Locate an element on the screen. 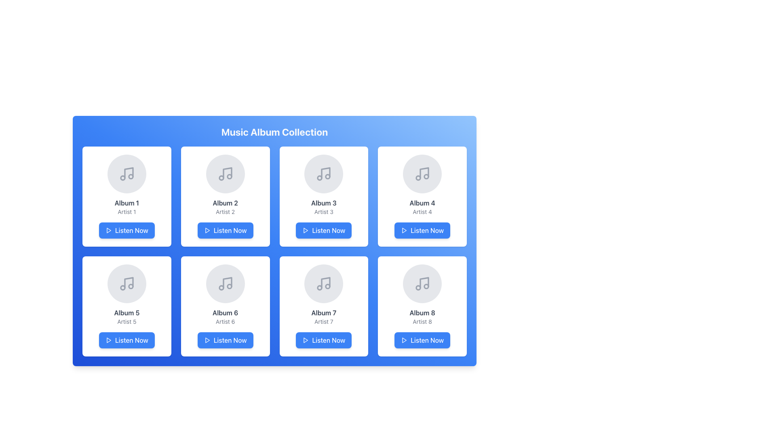 The height and width of the screenshot is (436, 776). the circular icon representing the music album located at the top-center of the card labeled 'Album 4' and 'Artist 4' is located at coordinates (422, 174).